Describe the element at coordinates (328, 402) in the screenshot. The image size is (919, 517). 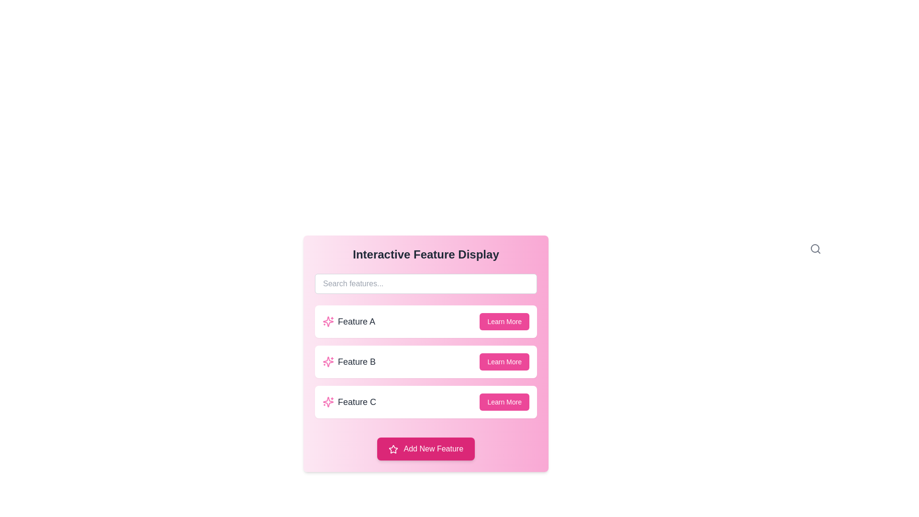
I see `the pink star-shaped icon with sparkles, which is located to the left of the text 'Feature C'` at that location.